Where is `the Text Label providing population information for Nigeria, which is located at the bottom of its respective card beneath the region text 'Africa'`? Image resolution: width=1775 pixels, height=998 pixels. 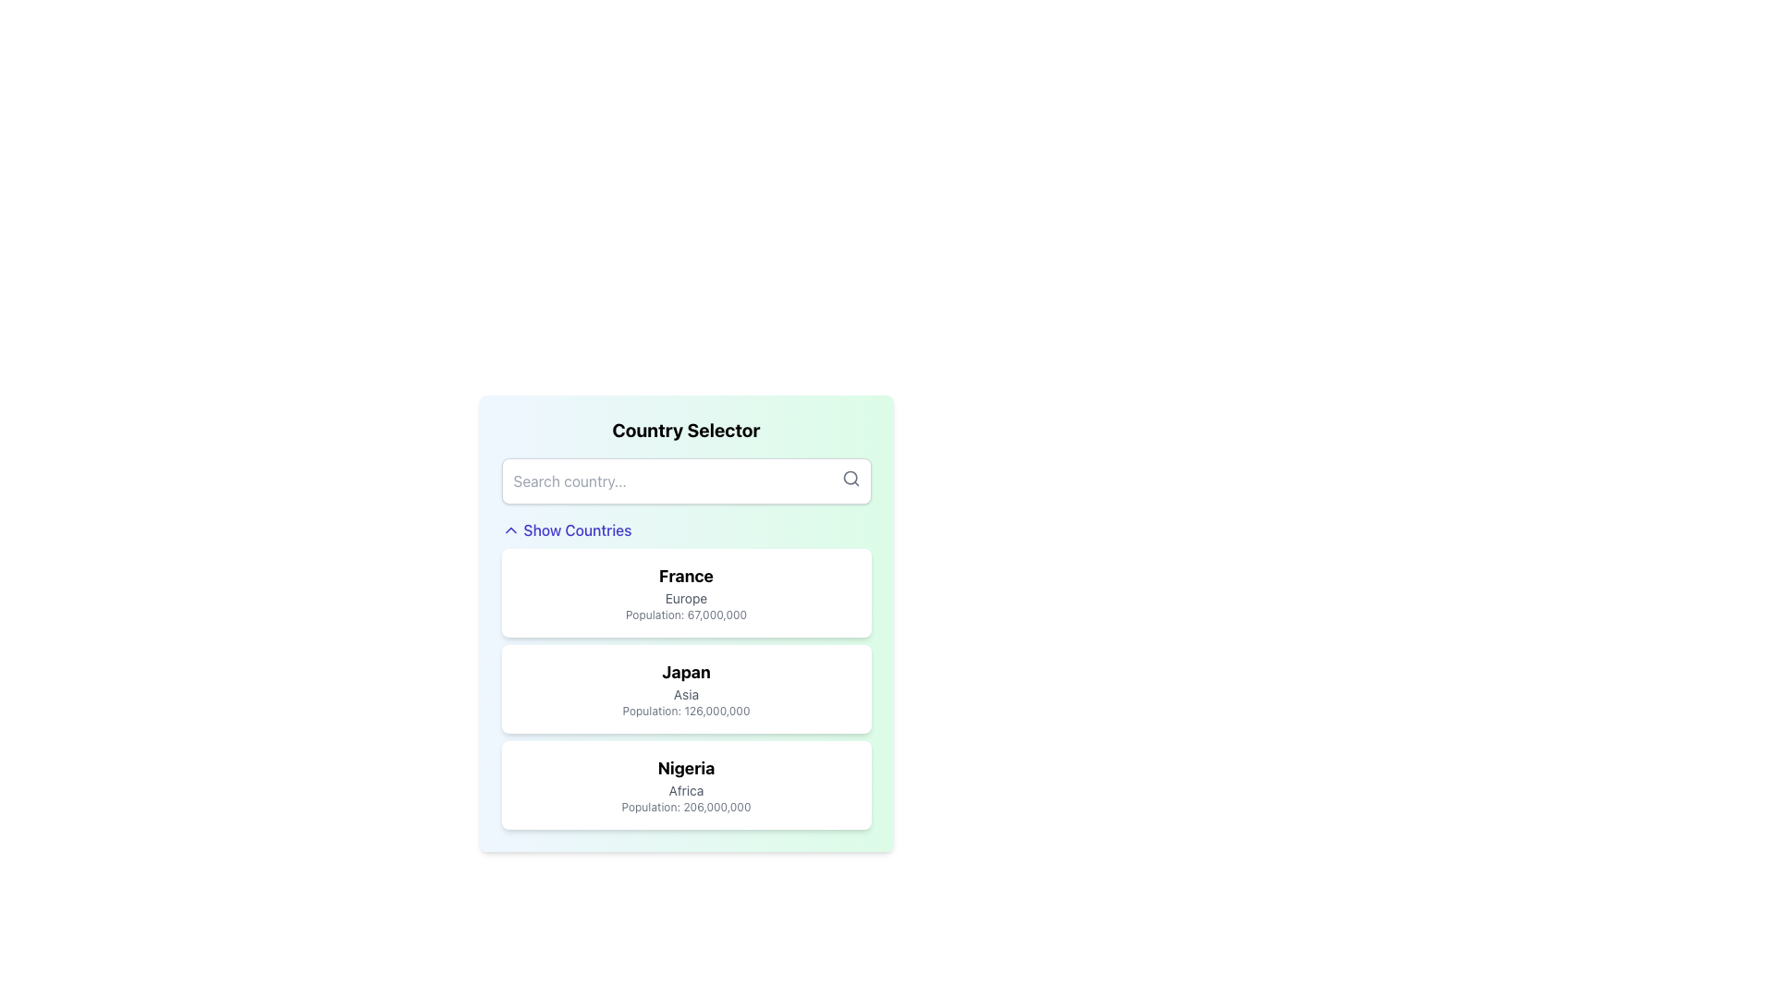 the Text Label providing population information for Nigeria, which is located at the bottom of its respective card beneath the region text 'Africa' is located at coordinates (685, 807).